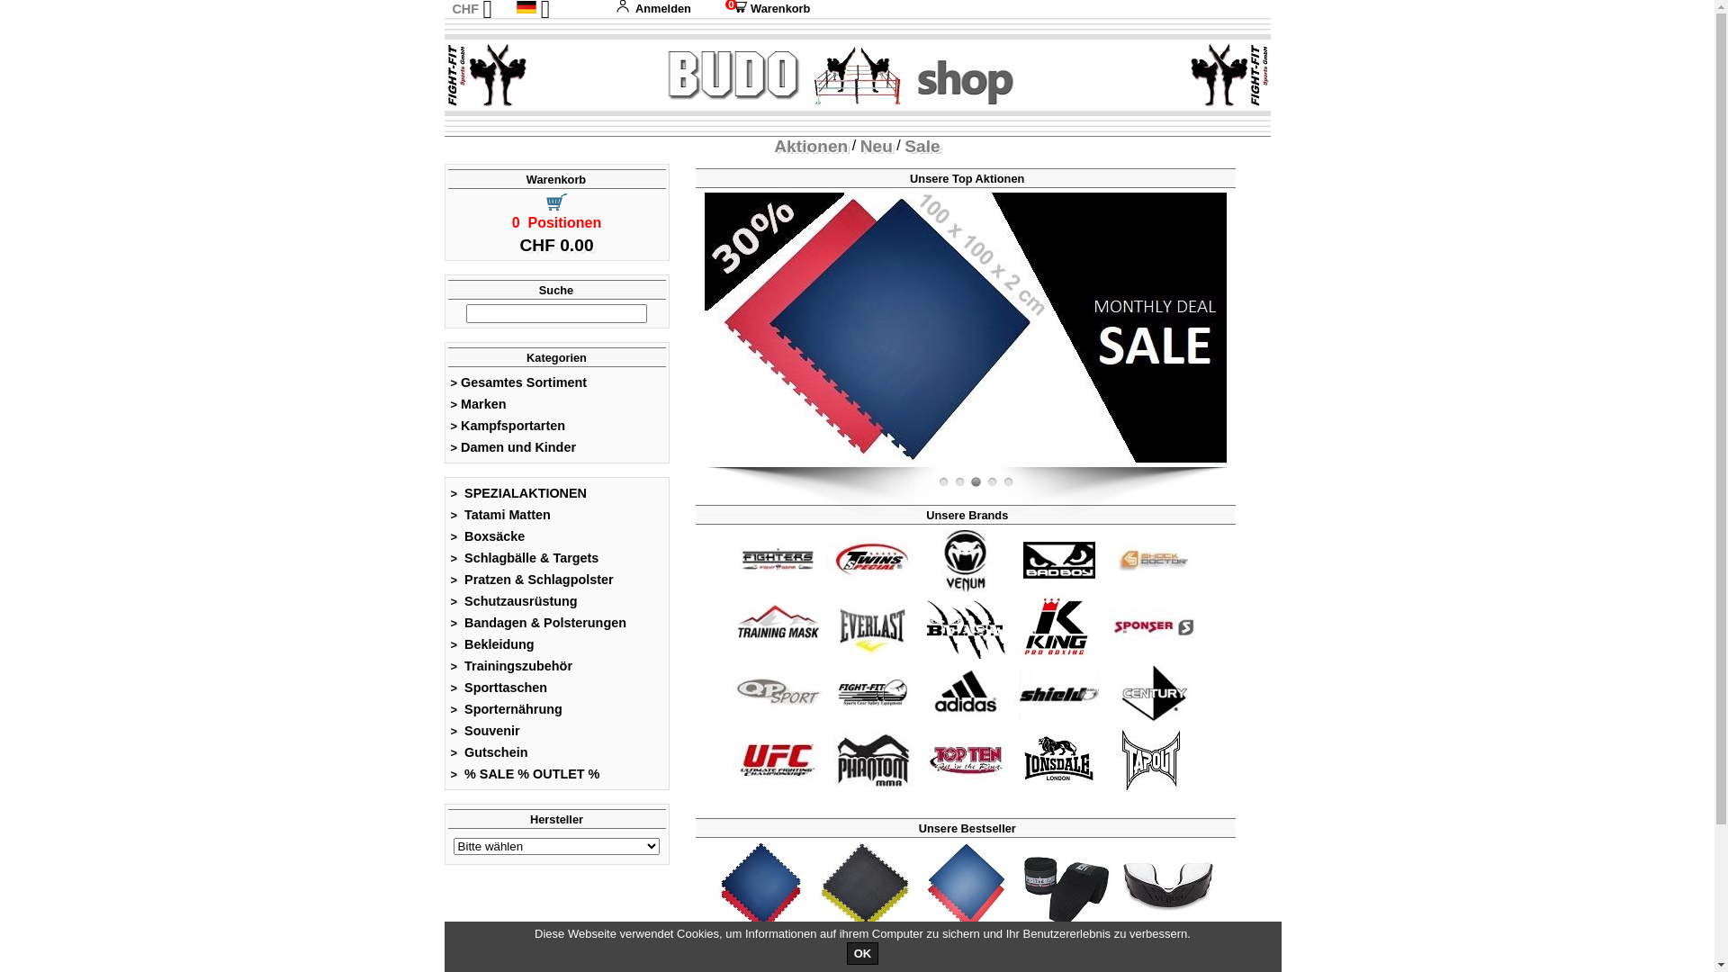 The image size is (1728, 972). Describe the element at coordinates (975, 481) in the screenshot. I see `'1'` at that location.